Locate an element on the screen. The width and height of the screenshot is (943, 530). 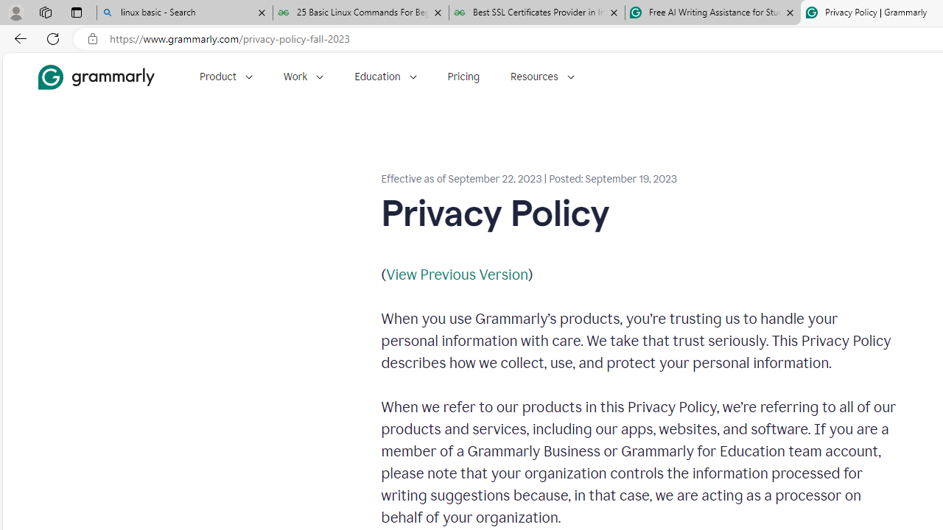
'Best SSL Certificates Provider in India - GeeksforGeeks' is located at coordinates (536, 13).